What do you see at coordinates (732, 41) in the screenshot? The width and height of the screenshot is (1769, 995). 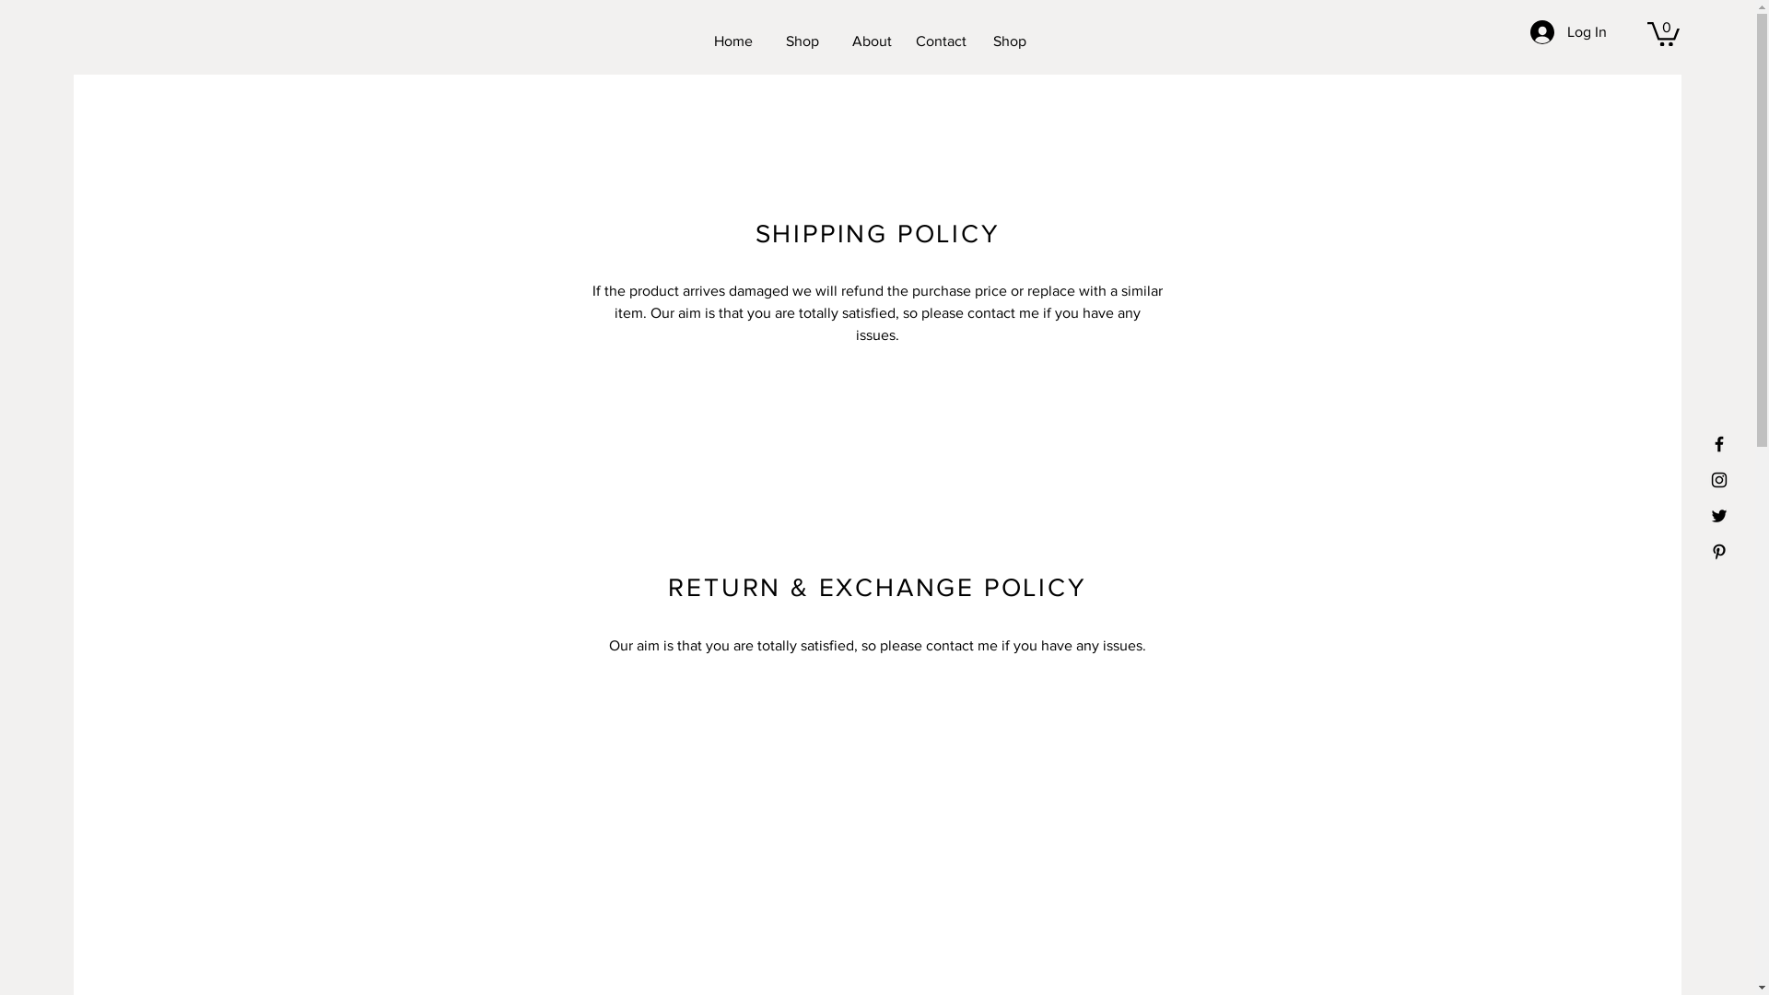 I see `'Home'` at bounding box center [732, 41].